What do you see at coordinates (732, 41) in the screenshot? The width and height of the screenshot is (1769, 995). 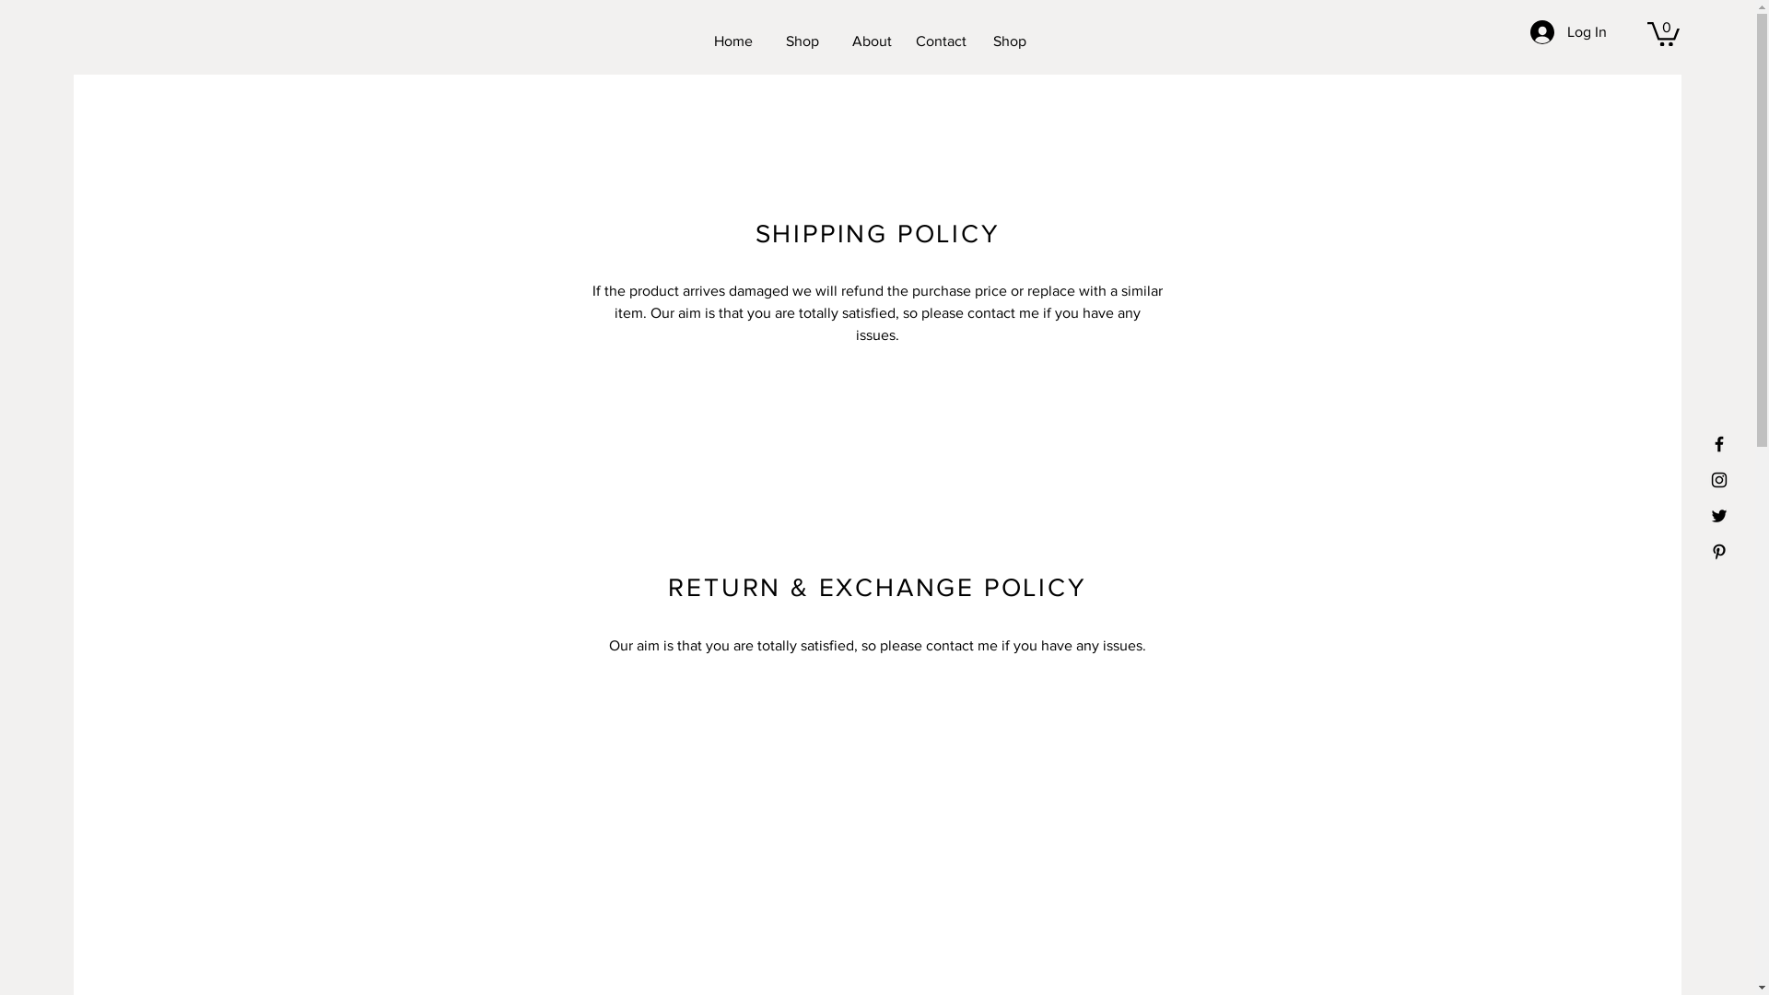 I see `'Home'` at bounding box center [732, 41].